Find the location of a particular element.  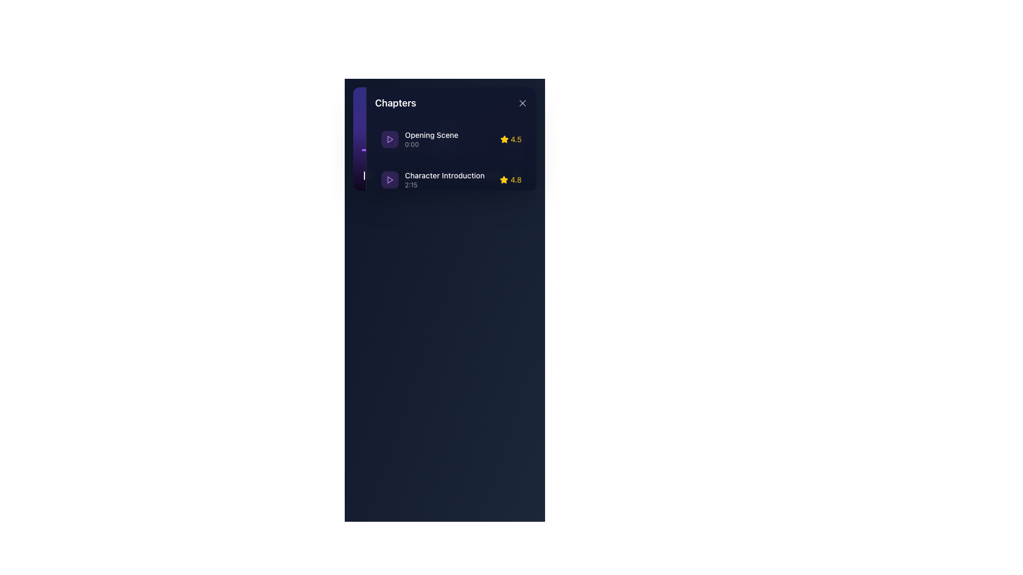

the interactive list item displaying the chapter titled 'Opening Scene' with a rating of 4.5 is located at coordinates (451, 137).